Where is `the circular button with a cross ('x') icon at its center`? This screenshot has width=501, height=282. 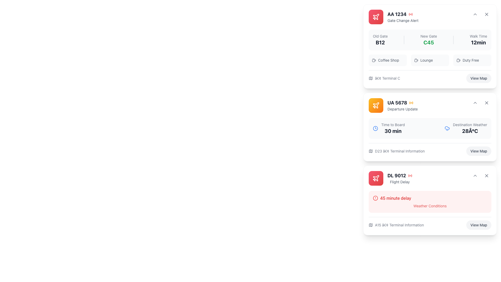 the circular button with a cross ('x') icon at its center is located at coordinates (486, 14).